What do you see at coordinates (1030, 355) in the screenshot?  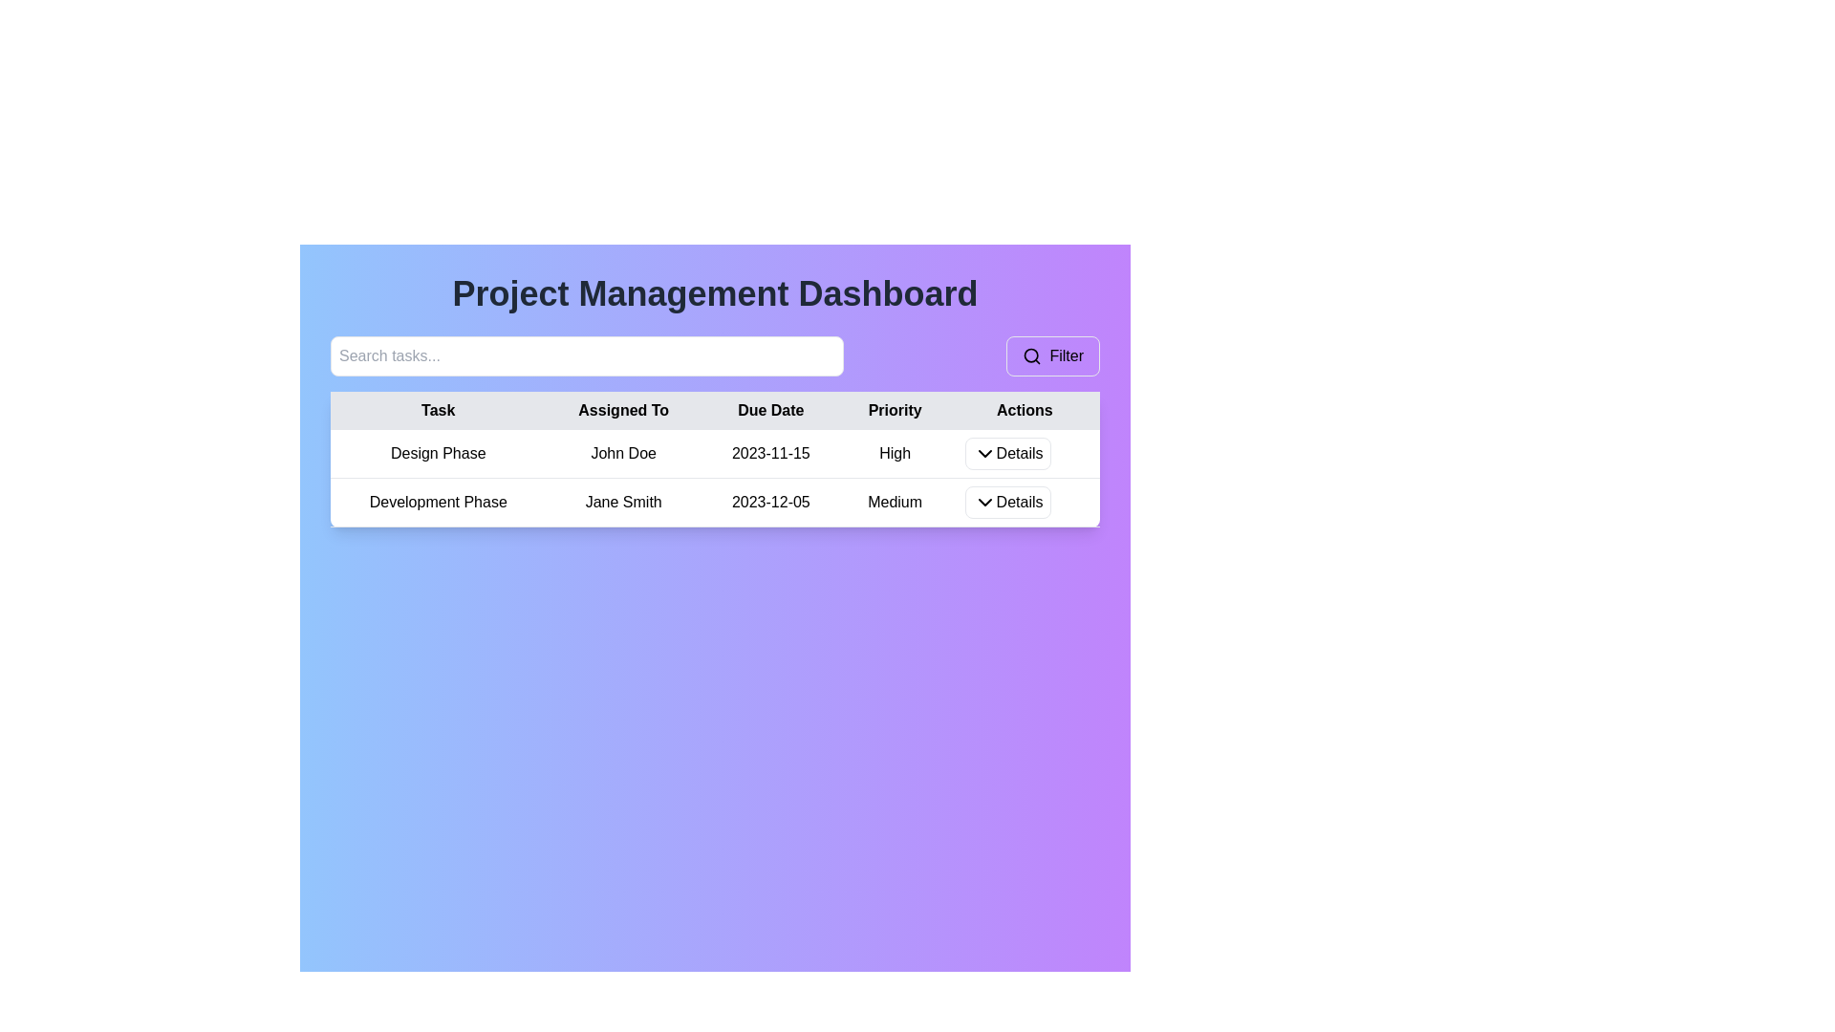 I see `the filter button located in the top-right corner of the interface by clicking on the center of the circular part of the magnifying glass glyph` at bounding box center [1030, 355].